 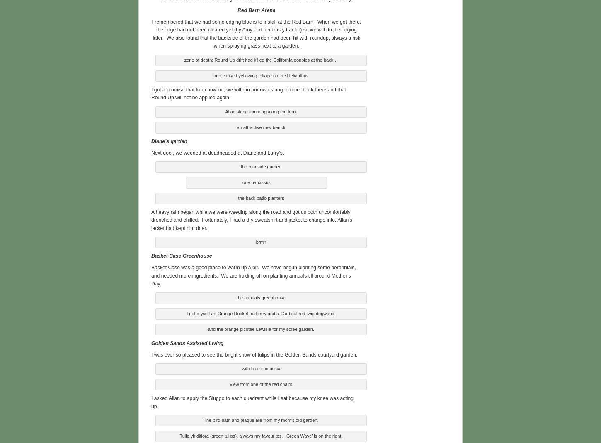 What do you see at coordinates (255, 241) in the screenshot?
I see `'brrrrr'` at bounding box center [255, 241].